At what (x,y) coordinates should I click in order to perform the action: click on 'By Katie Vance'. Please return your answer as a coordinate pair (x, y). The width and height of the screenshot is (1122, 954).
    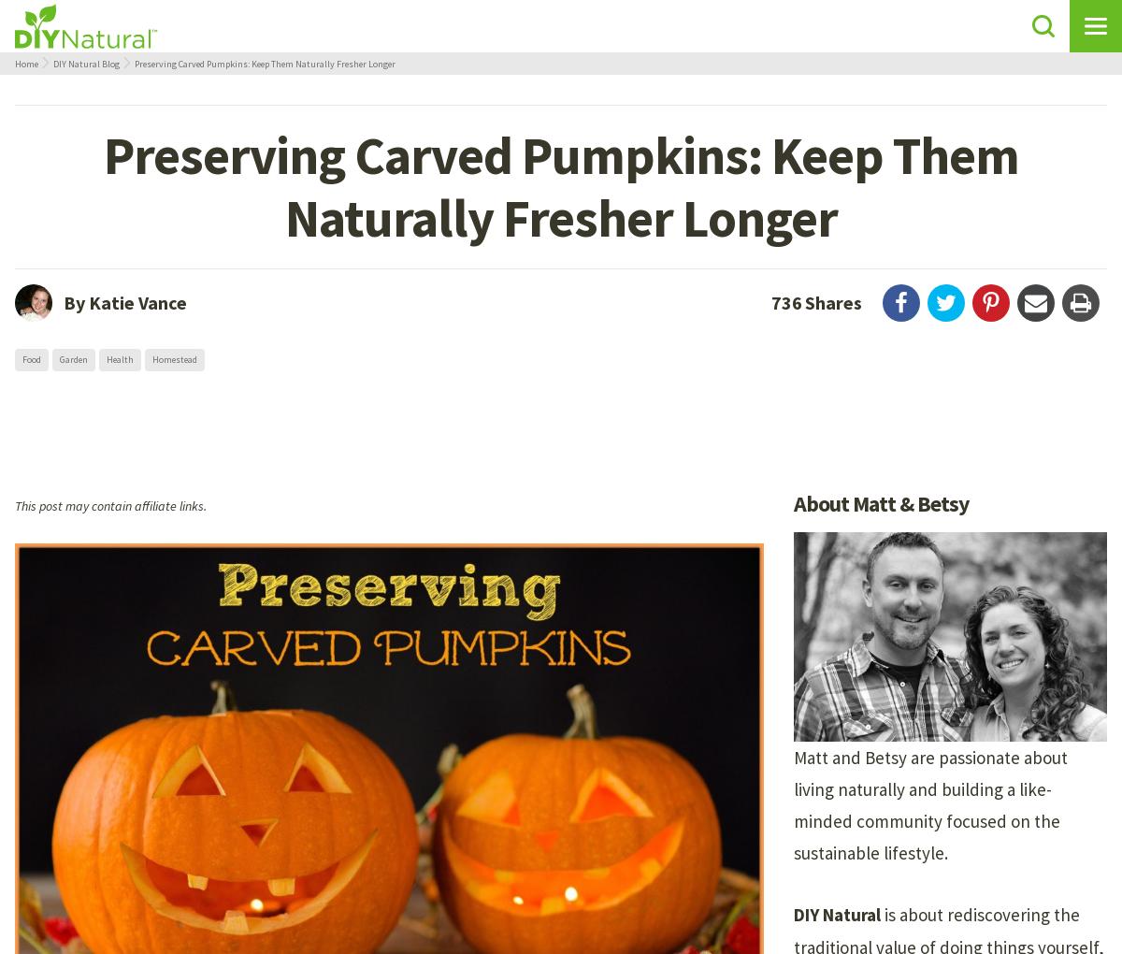
    Looking at the image, I should click on (125, 302).